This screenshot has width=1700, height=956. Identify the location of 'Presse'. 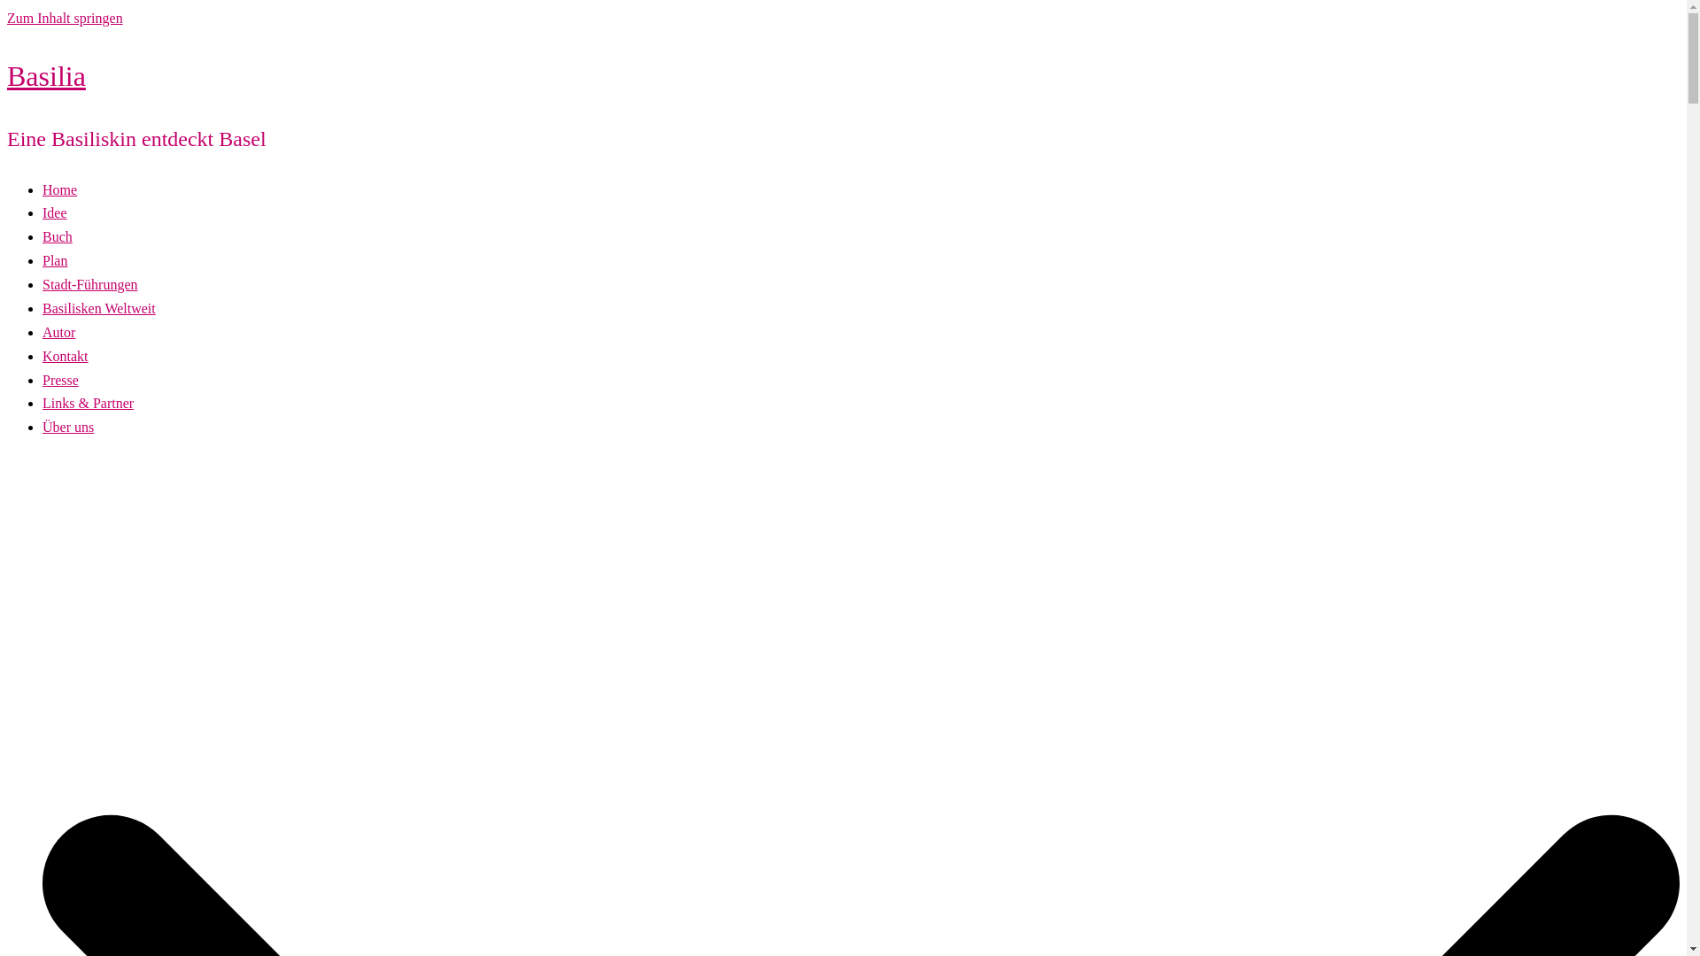
(60, 379).